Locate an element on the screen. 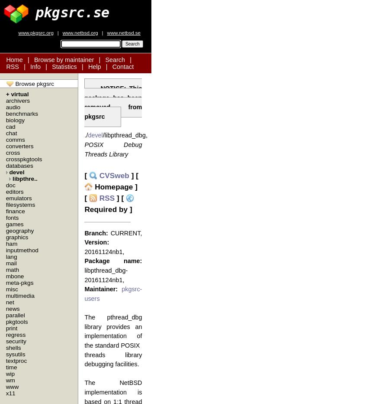 This screenshot has height=404, width=391. 'threads library debugging facilities.' is located at coordinates (112, 359).